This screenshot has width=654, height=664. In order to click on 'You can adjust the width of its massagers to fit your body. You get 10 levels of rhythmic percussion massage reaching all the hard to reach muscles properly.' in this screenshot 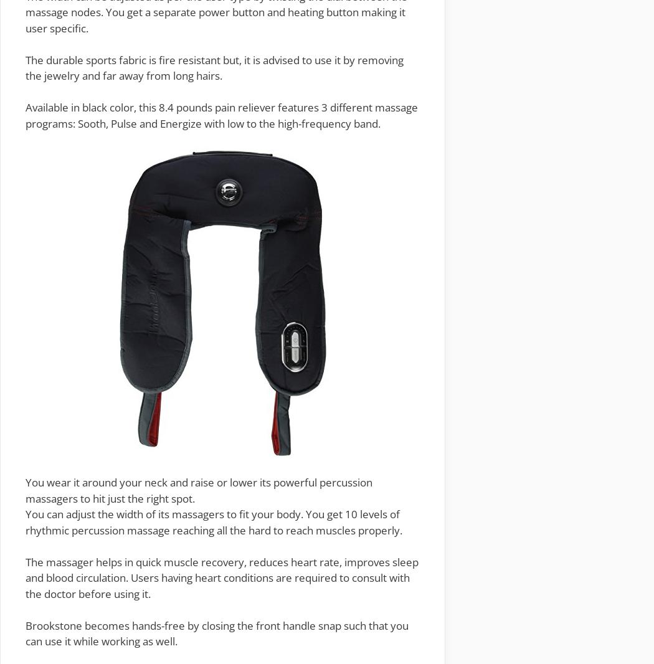, I will do `click(213, 521)`.